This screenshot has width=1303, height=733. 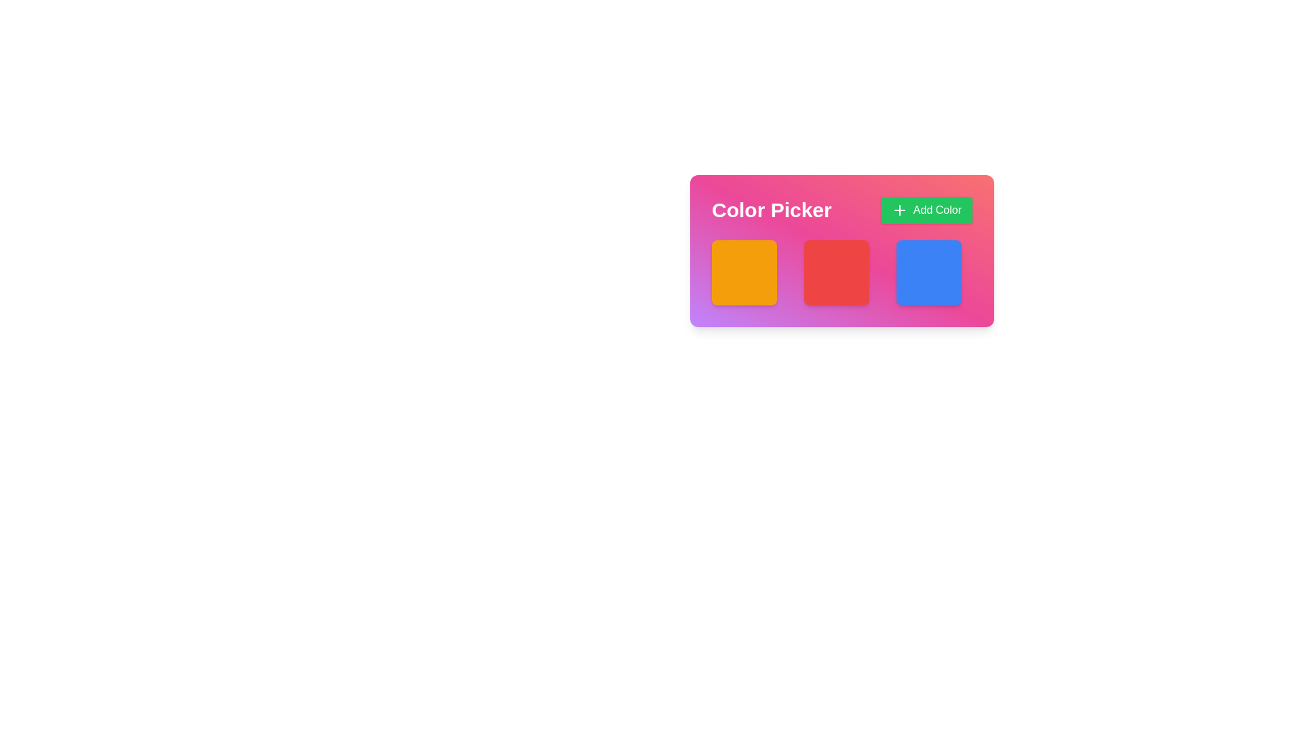 What do you see at coordinates (744, 272) in the screenshot?
I see `the leftmost selectable color tile in the Color Picker section` at bounding box center [744, 272].